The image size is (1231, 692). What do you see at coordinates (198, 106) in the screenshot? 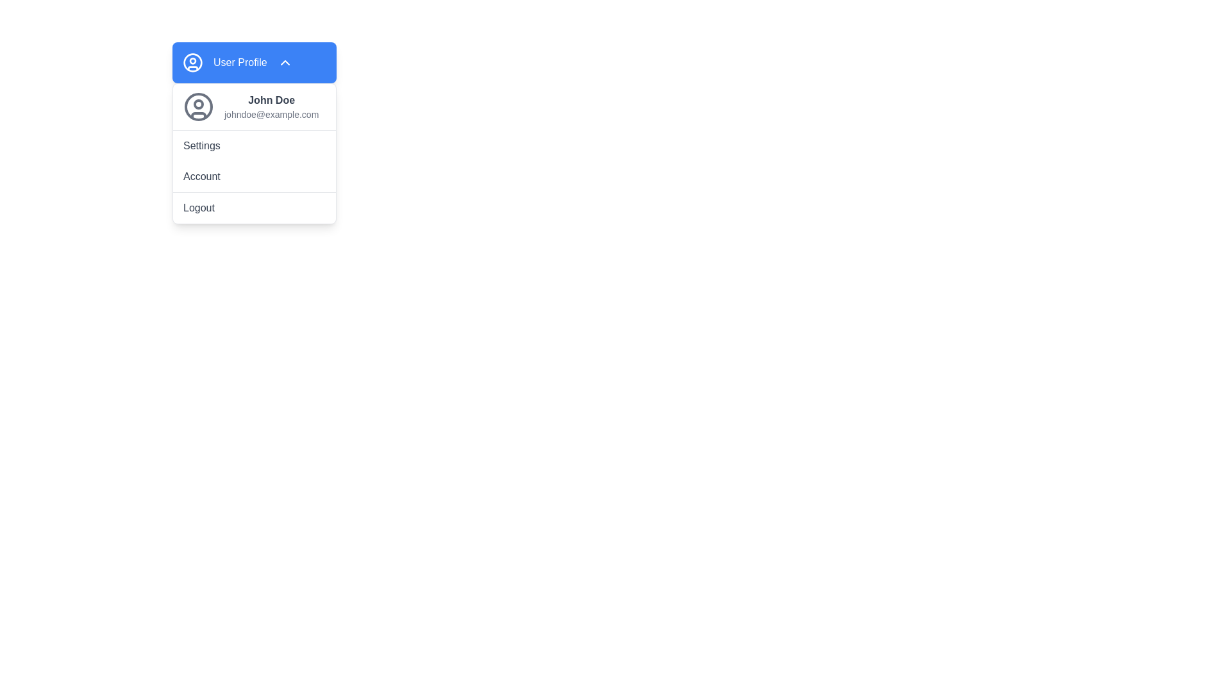
I see `the largest outer circle of the user profile icon located at the top-left part of the user dropdown menu` at bounding box center [198, 106].